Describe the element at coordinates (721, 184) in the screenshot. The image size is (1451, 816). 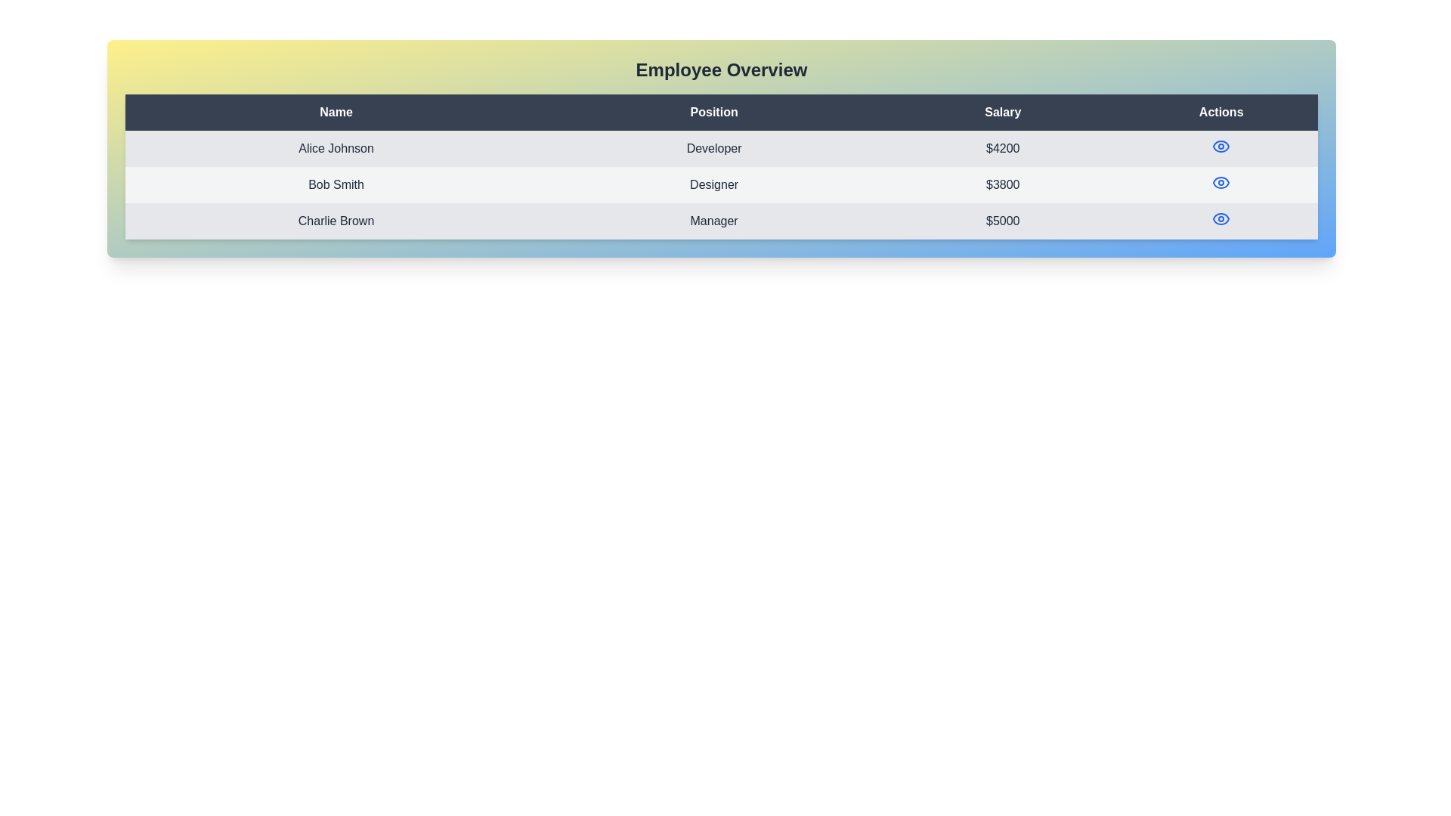
I see `the second row in the 'Employee Overview' table that contains the employee's details, located beneath the 'Position' column heading` at that location.